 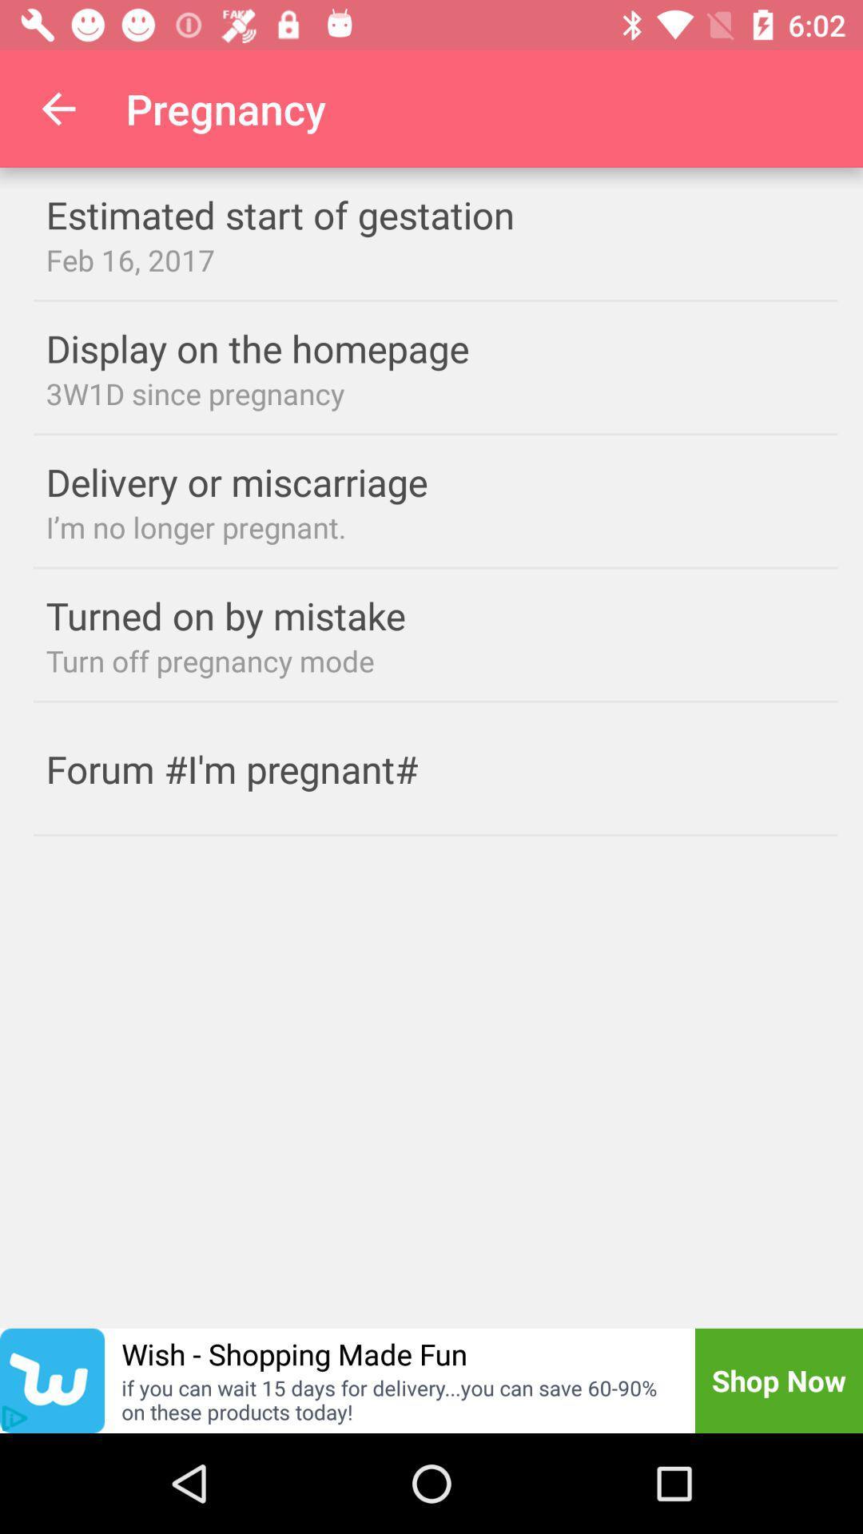 What do you see at coordinates (51, 1380) in the screenshot?
I see `the twitter icon` at bounding box center [51, 1380].